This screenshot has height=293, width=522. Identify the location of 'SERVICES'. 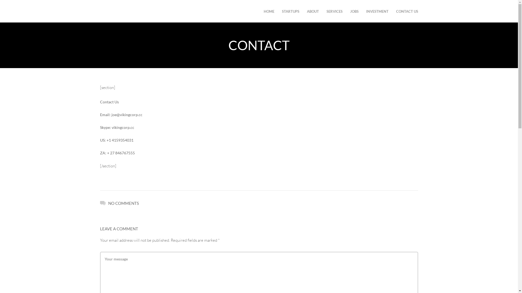
(334, 11).